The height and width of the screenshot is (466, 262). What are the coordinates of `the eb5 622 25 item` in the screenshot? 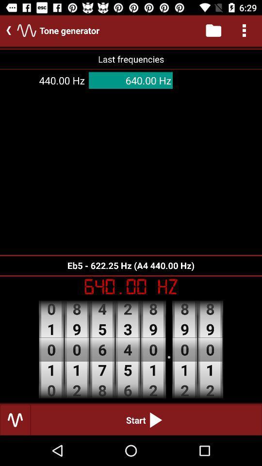 It's located at (131, 266).